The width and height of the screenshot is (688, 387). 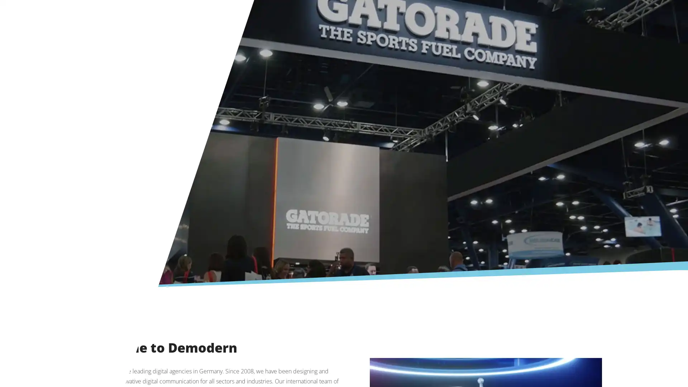 What do you see at coordinates (471, 371) in the screenshot?
I see `Deny` at bounding box center [471, 371].